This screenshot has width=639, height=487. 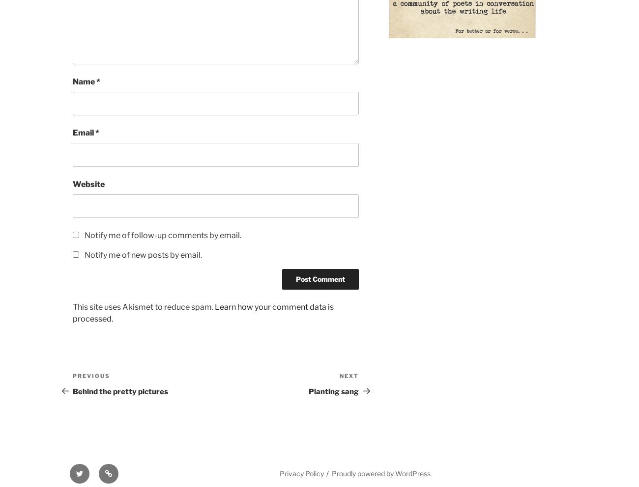 What do you see at coordinates (143, 254) in the screenshot?
I see `'Notify me of new posts by email.'` at bounding box center [143, 254].